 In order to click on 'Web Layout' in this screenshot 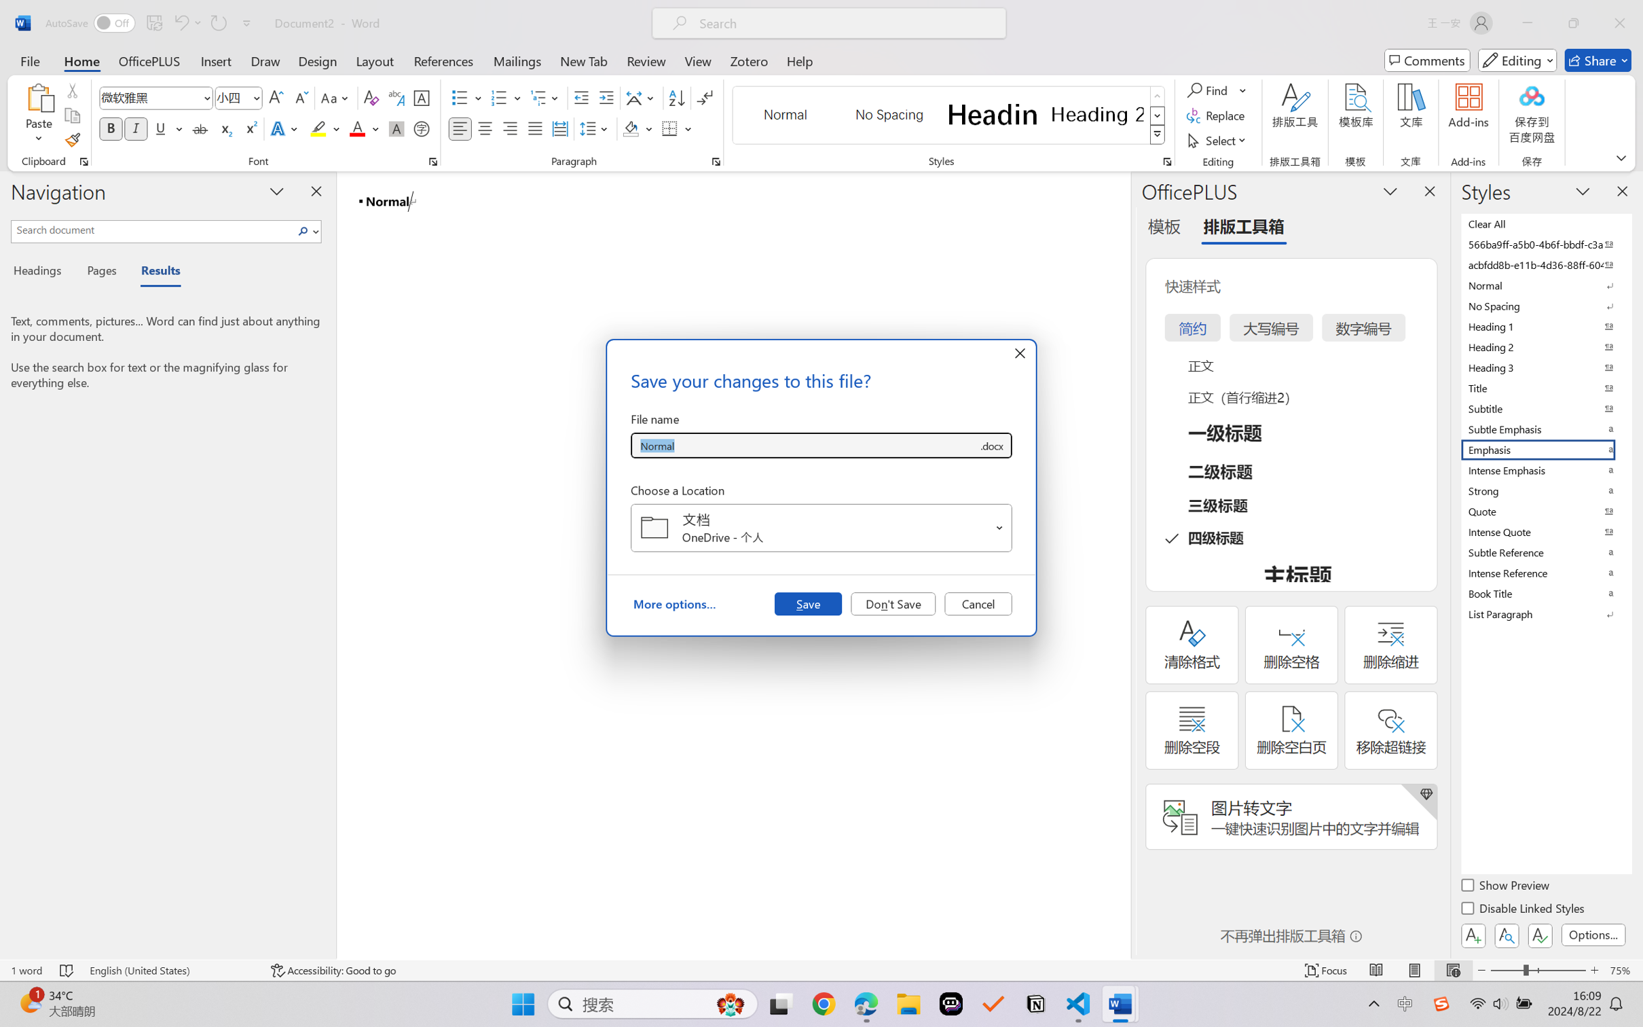, I will do `click(1452, 970)`.